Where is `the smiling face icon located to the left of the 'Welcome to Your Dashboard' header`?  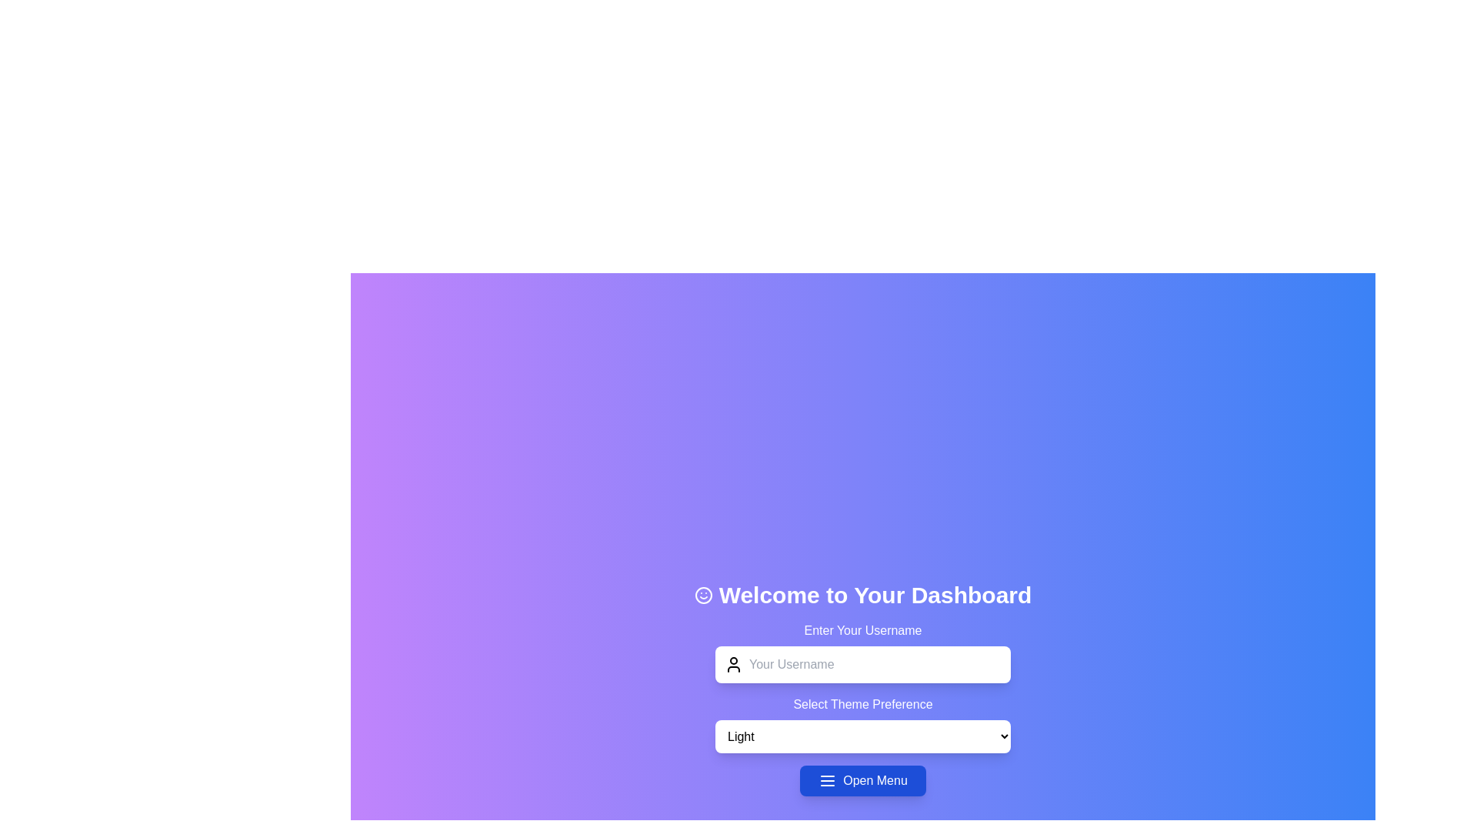 the smiling face icon located to the left of the 'Welcome to Your Dashboard' header is located at coordinates (702, 594).